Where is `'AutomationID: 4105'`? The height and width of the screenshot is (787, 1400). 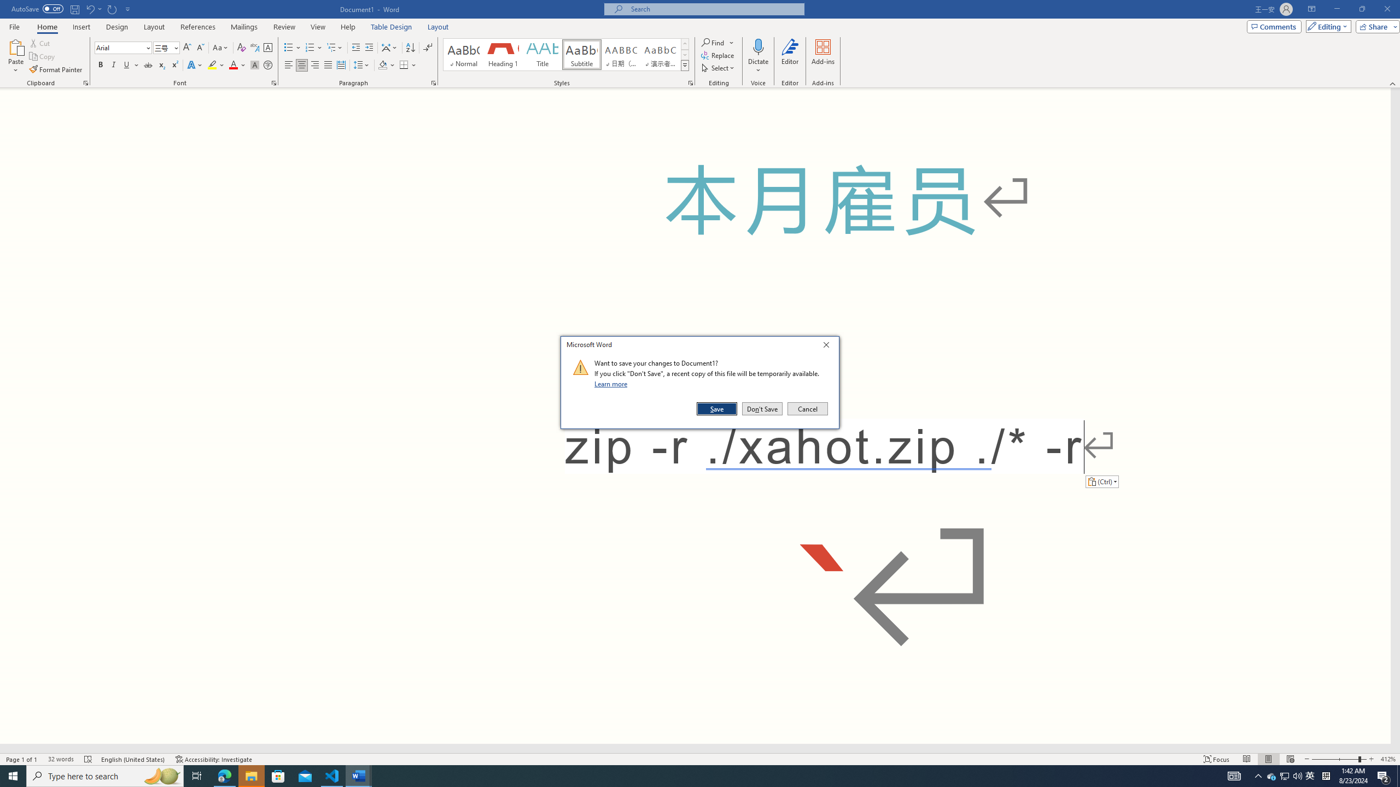
'AutomationID: 4105' is located at coordinates (1233, 775).